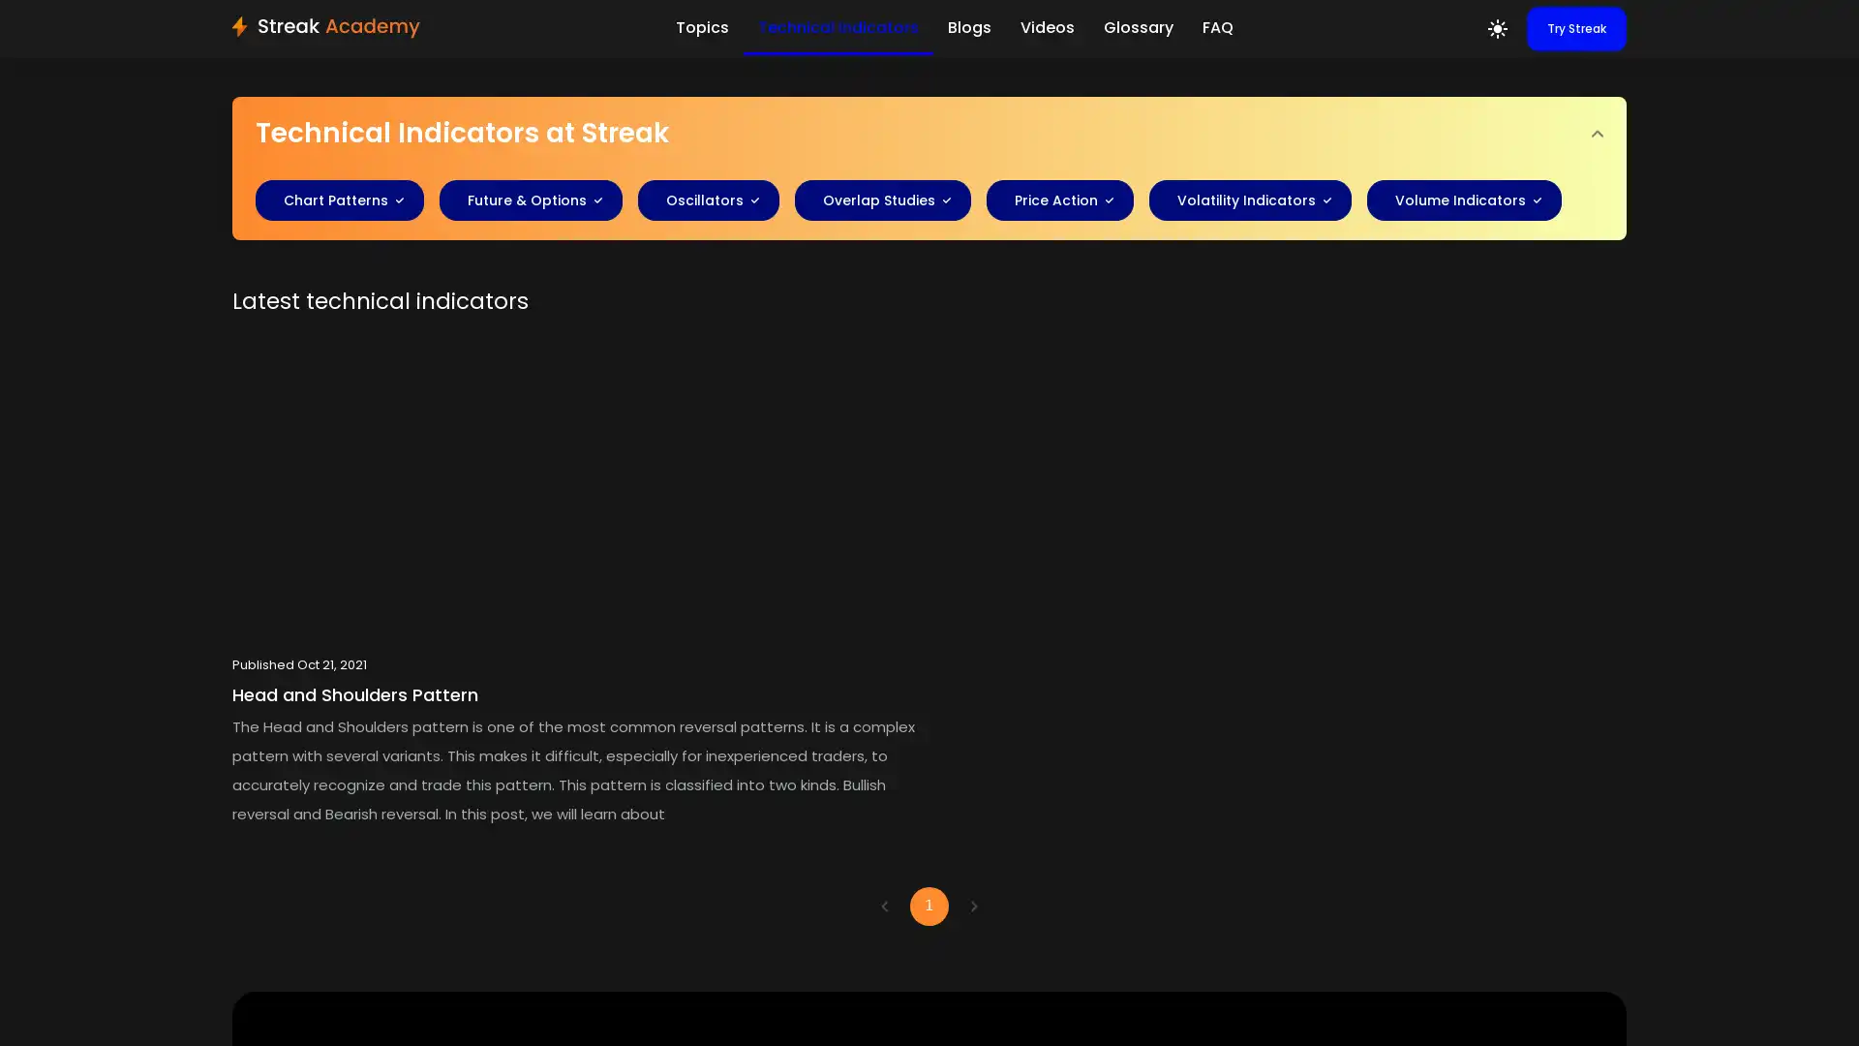  I want to click on Technical Indicators at Streak, so click(929, 133).